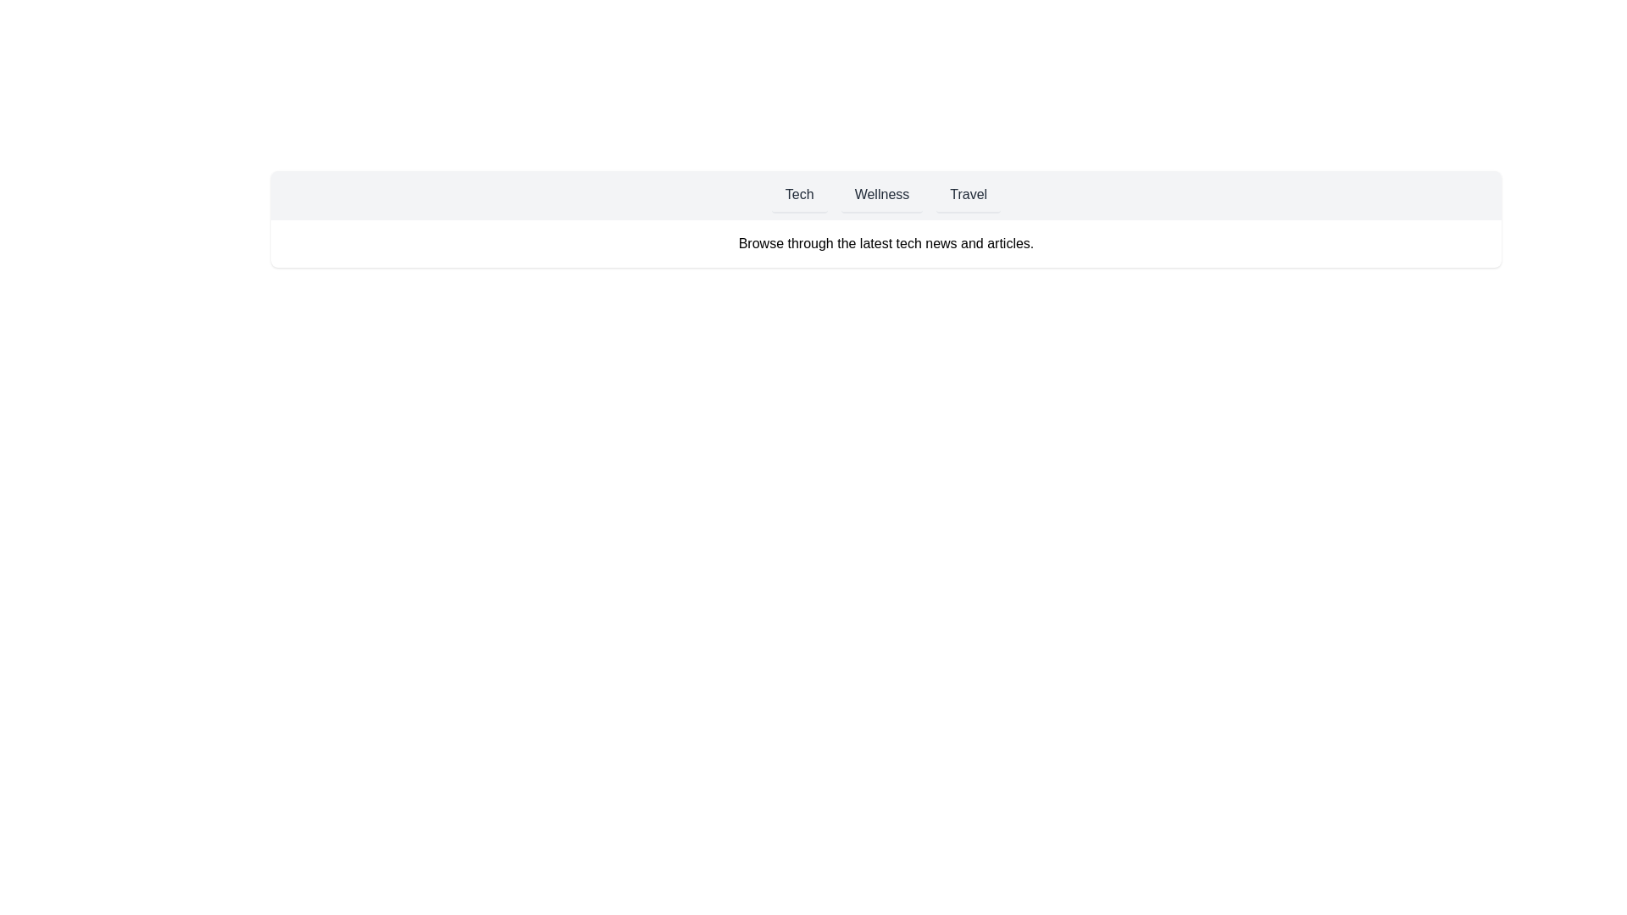 The height and width of the screenshot is (915, 1627). I want to click on the Travel tab to view its content, so click(969, 195).